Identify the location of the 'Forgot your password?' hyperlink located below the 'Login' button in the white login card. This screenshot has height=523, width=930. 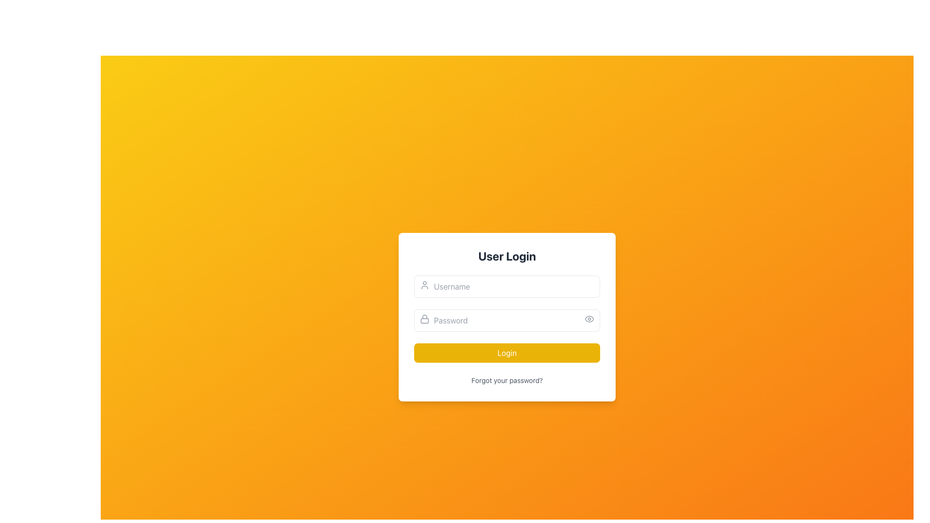
(506, 380).